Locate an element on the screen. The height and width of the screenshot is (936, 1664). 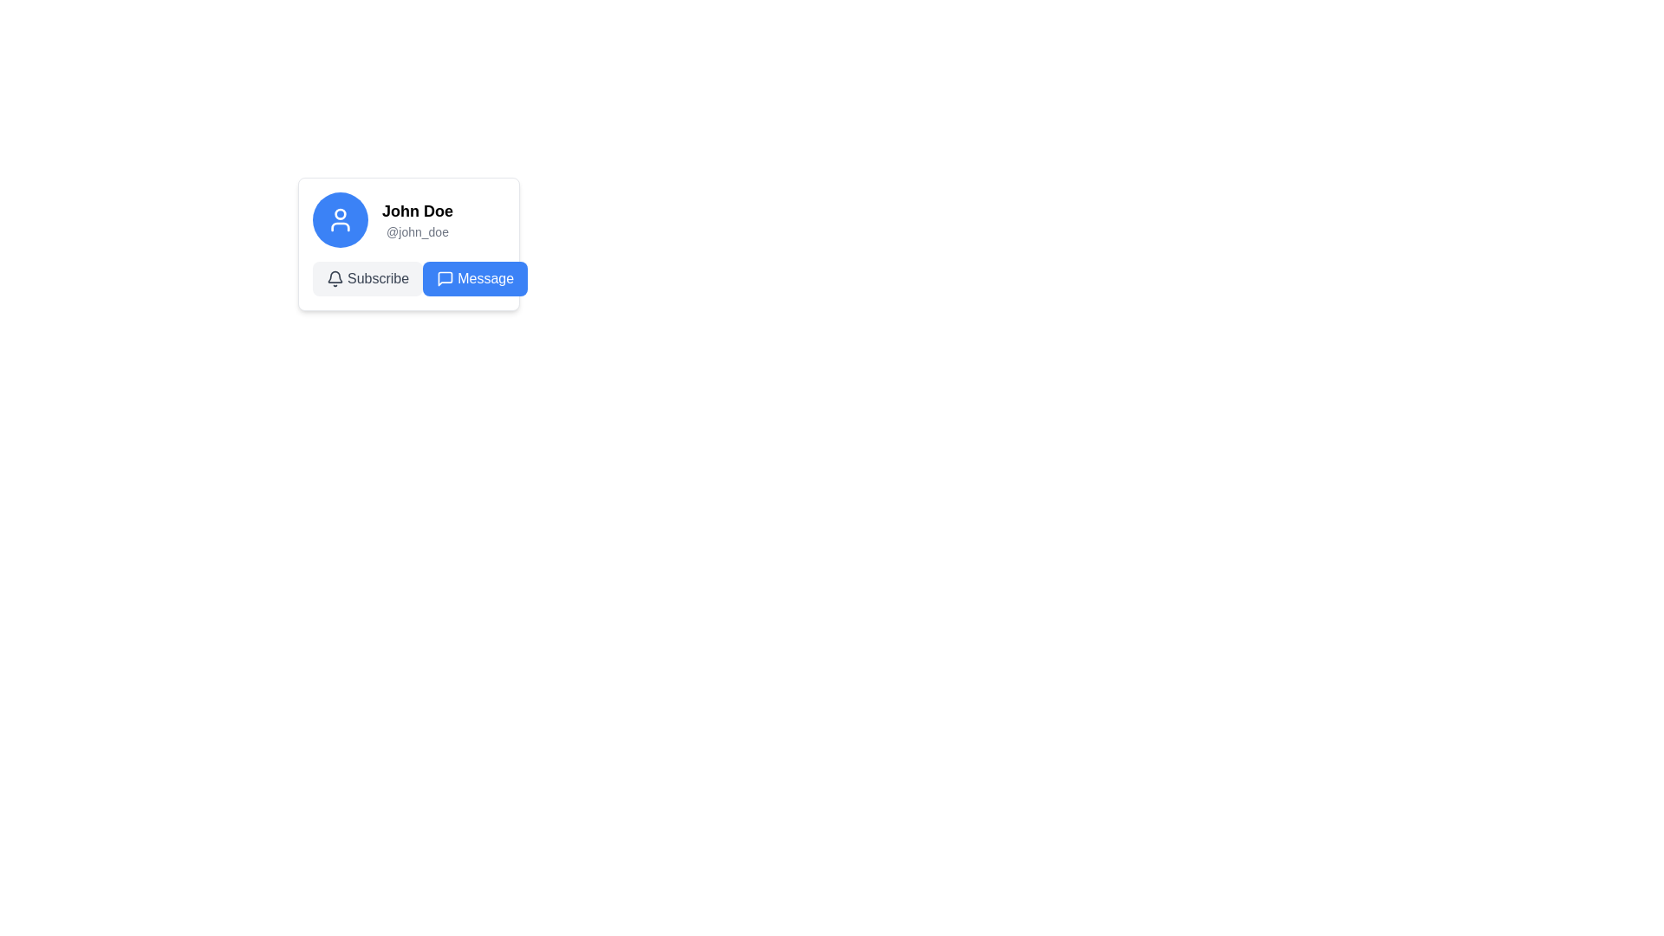
the static text label 'John Doe' which is prominently styled in bold font, located above the text '@john_doe' in the user profile card is located at coordinates (417, 210).